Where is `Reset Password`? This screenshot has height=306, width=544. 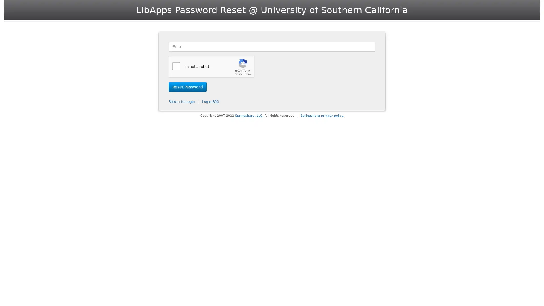 Reset Password is located at coordinates (188, 87).